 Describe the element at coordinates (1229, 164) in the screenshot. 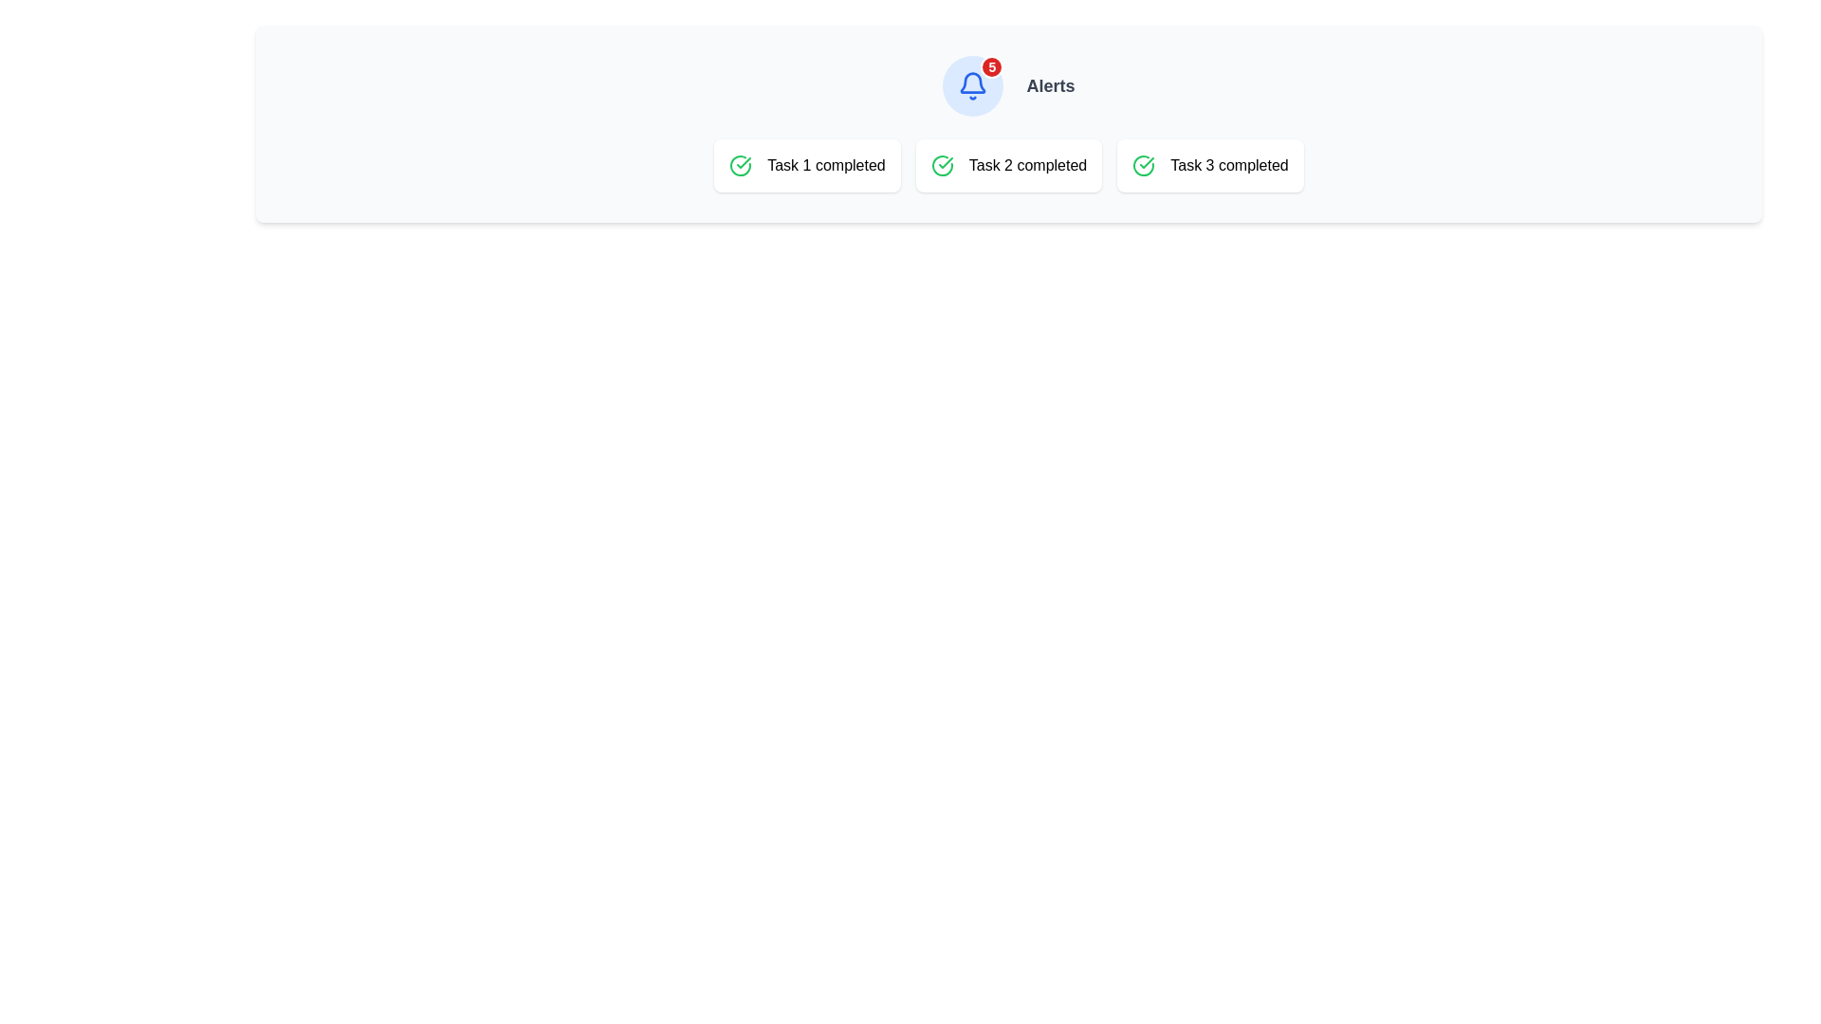

I see `the Text Label that indicates 'Task 3' has been completed, which is the third item in a row of task completion indicators and is positioned to the right of a green check mark icon` at that location.